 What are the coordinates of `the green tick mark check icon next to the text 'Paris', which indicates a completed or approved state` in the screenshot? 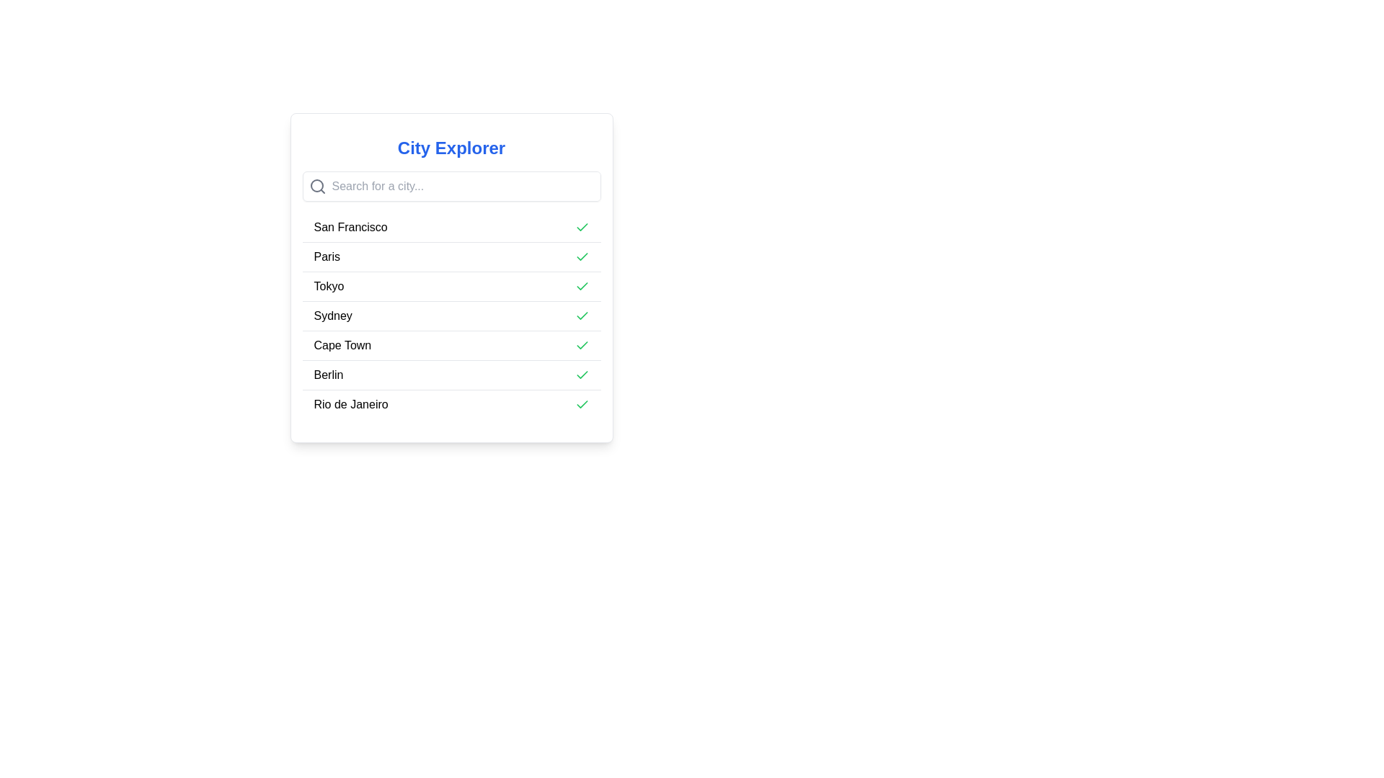 It's located at (582, 227).